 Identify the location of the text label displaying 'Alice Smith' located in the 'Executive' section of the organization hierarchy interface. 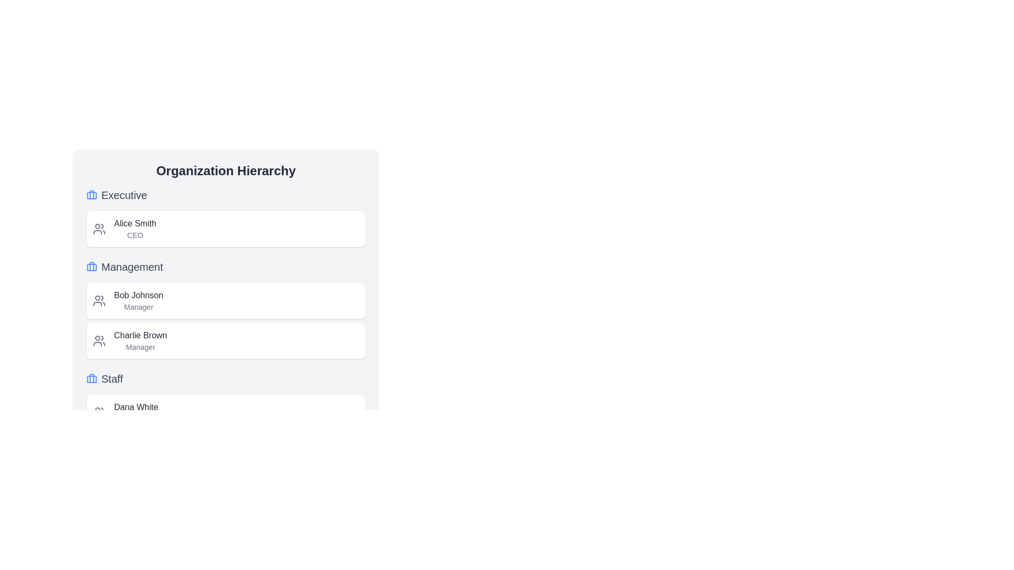
(134, 223).